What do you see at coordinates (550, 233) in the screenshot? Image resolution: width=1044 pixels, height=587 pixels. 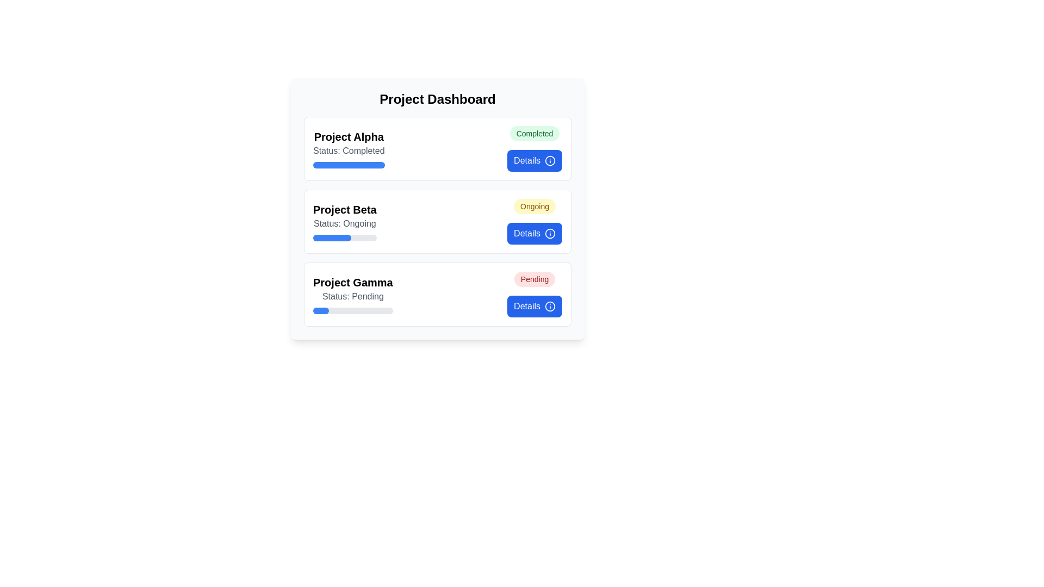 I see `the SVG Icon located at the right end of the 'Details' button for Project Beta, which indicates additional information about the project` at bounding box center [550, 233].